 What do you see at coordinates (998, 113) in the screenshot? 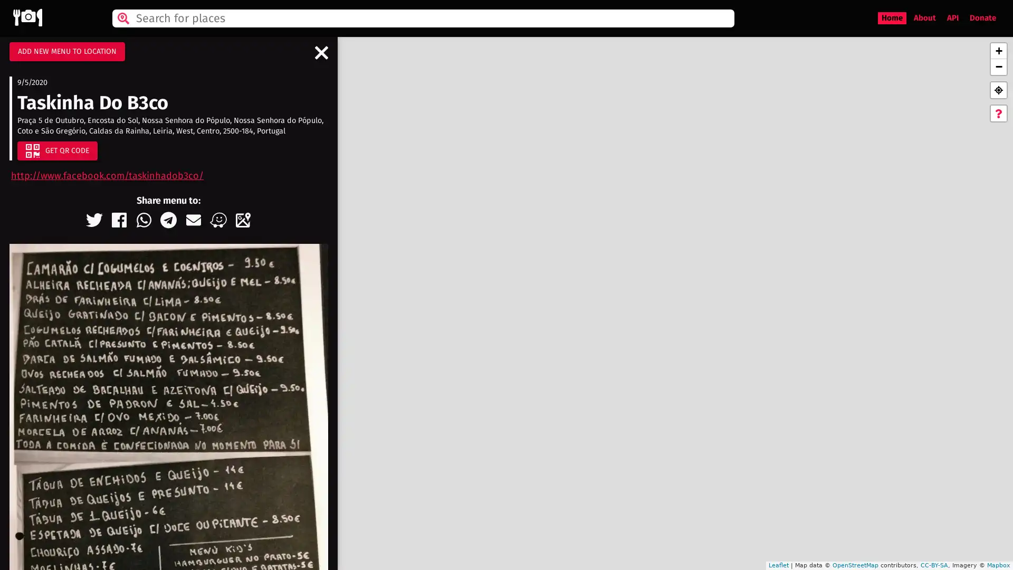
I see `Help tutorial` at bounding box center [998, 113].